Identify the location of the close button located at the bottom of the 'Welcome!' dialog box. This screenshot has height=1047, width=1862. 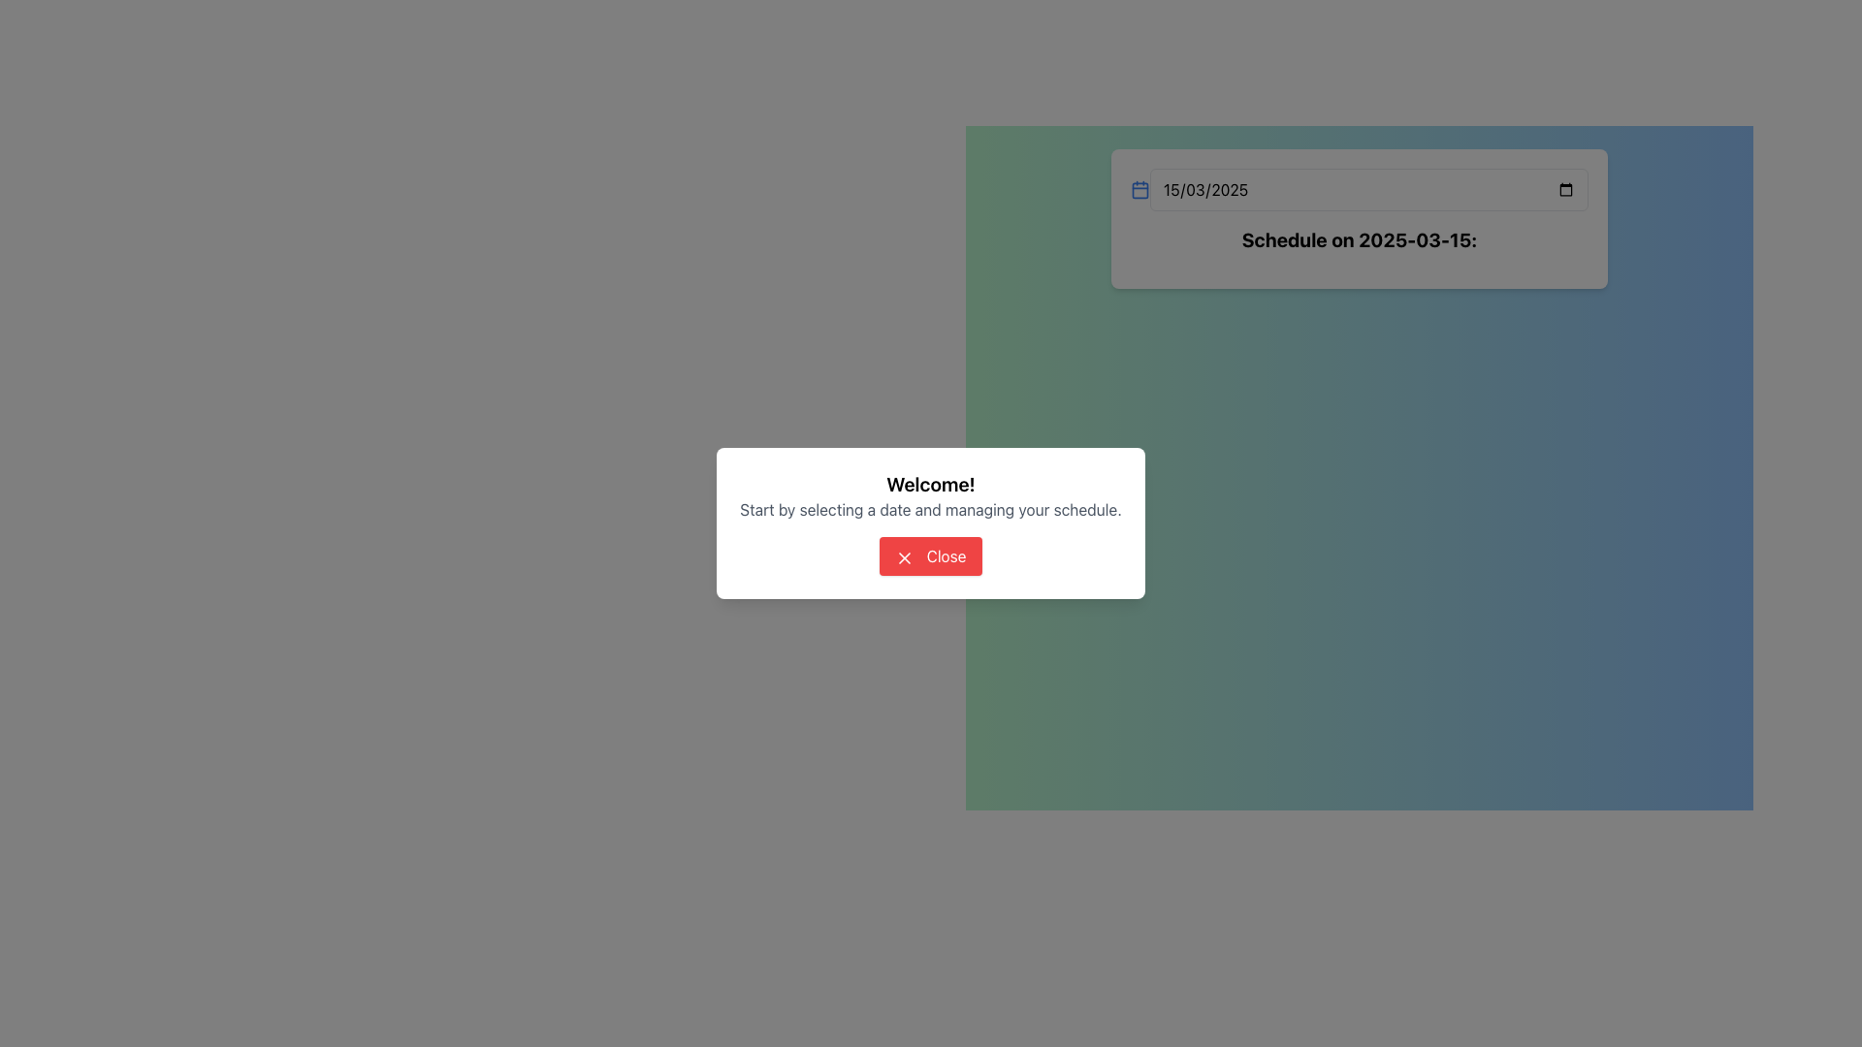
(931, 556).